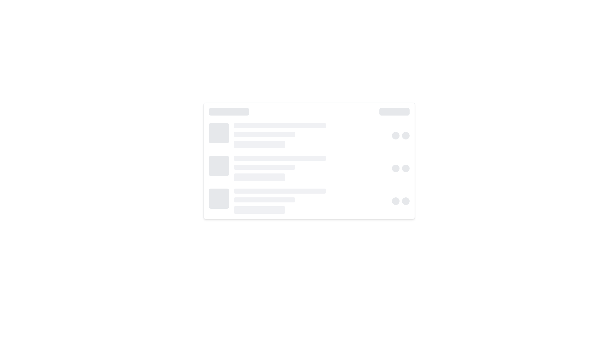 This screenshot has width=604, height=340. What do you see at coordinates (265, 134) in the screenshot?
I see `the second horizontal bar in the loading indicator section, which serves as a visual placeholder between a longer bar above and a shorter bar below` at bounding box center [265, 134].